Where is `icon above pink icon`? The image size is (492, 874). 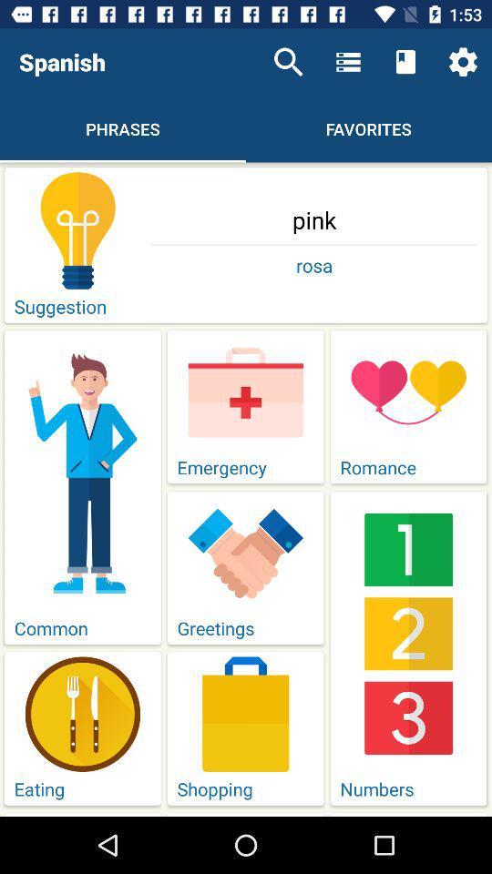
icon above pink icon is located at coordinates (288, 62).